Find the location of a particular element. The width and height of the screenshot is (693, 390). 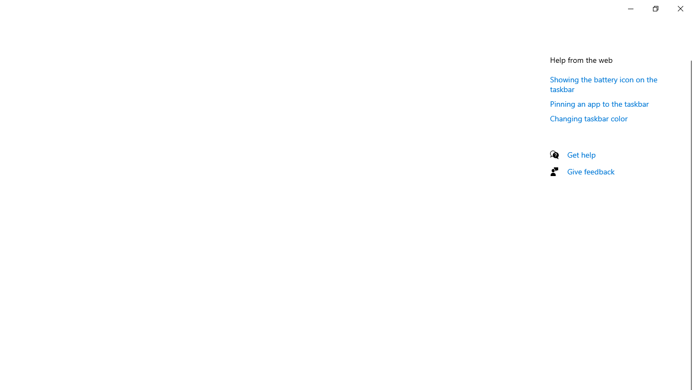

'Minimize Settings' is located at coordinates (630, 8).